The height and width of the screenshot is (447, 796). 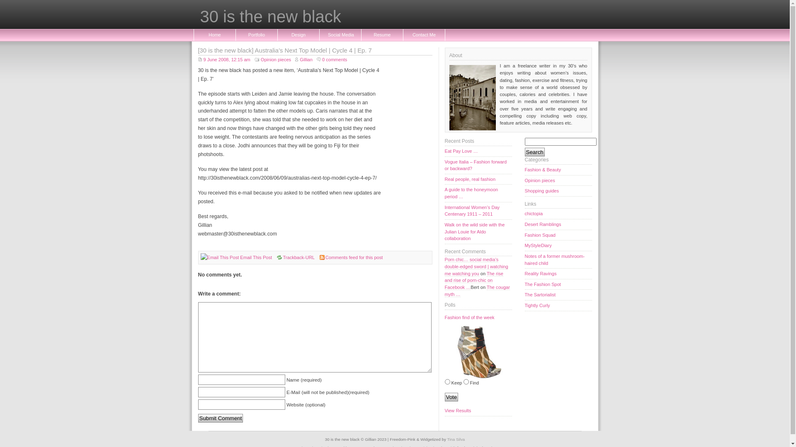 I want to click on 'Reality Ravings', so click(x=558, y=274).